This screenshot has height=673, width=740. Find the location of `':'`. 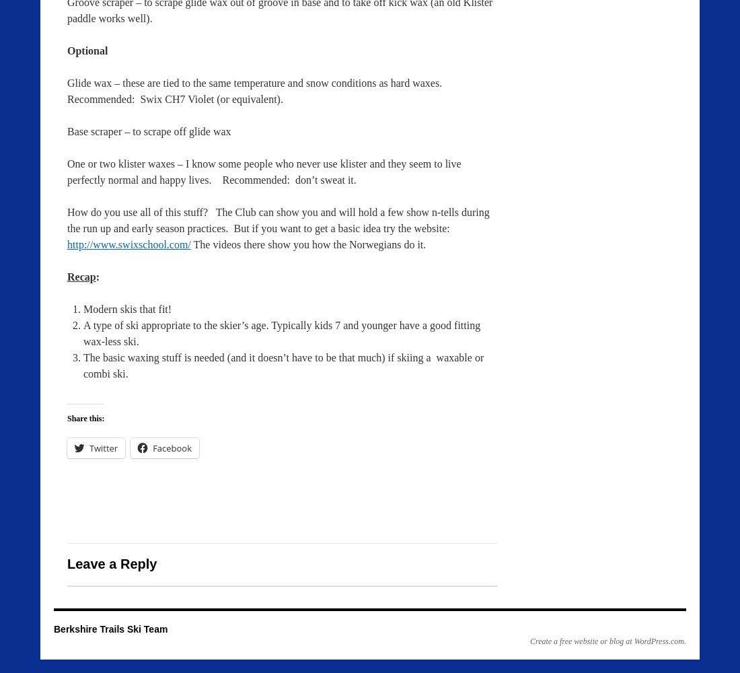

':' is located at coordinates (96, 277).